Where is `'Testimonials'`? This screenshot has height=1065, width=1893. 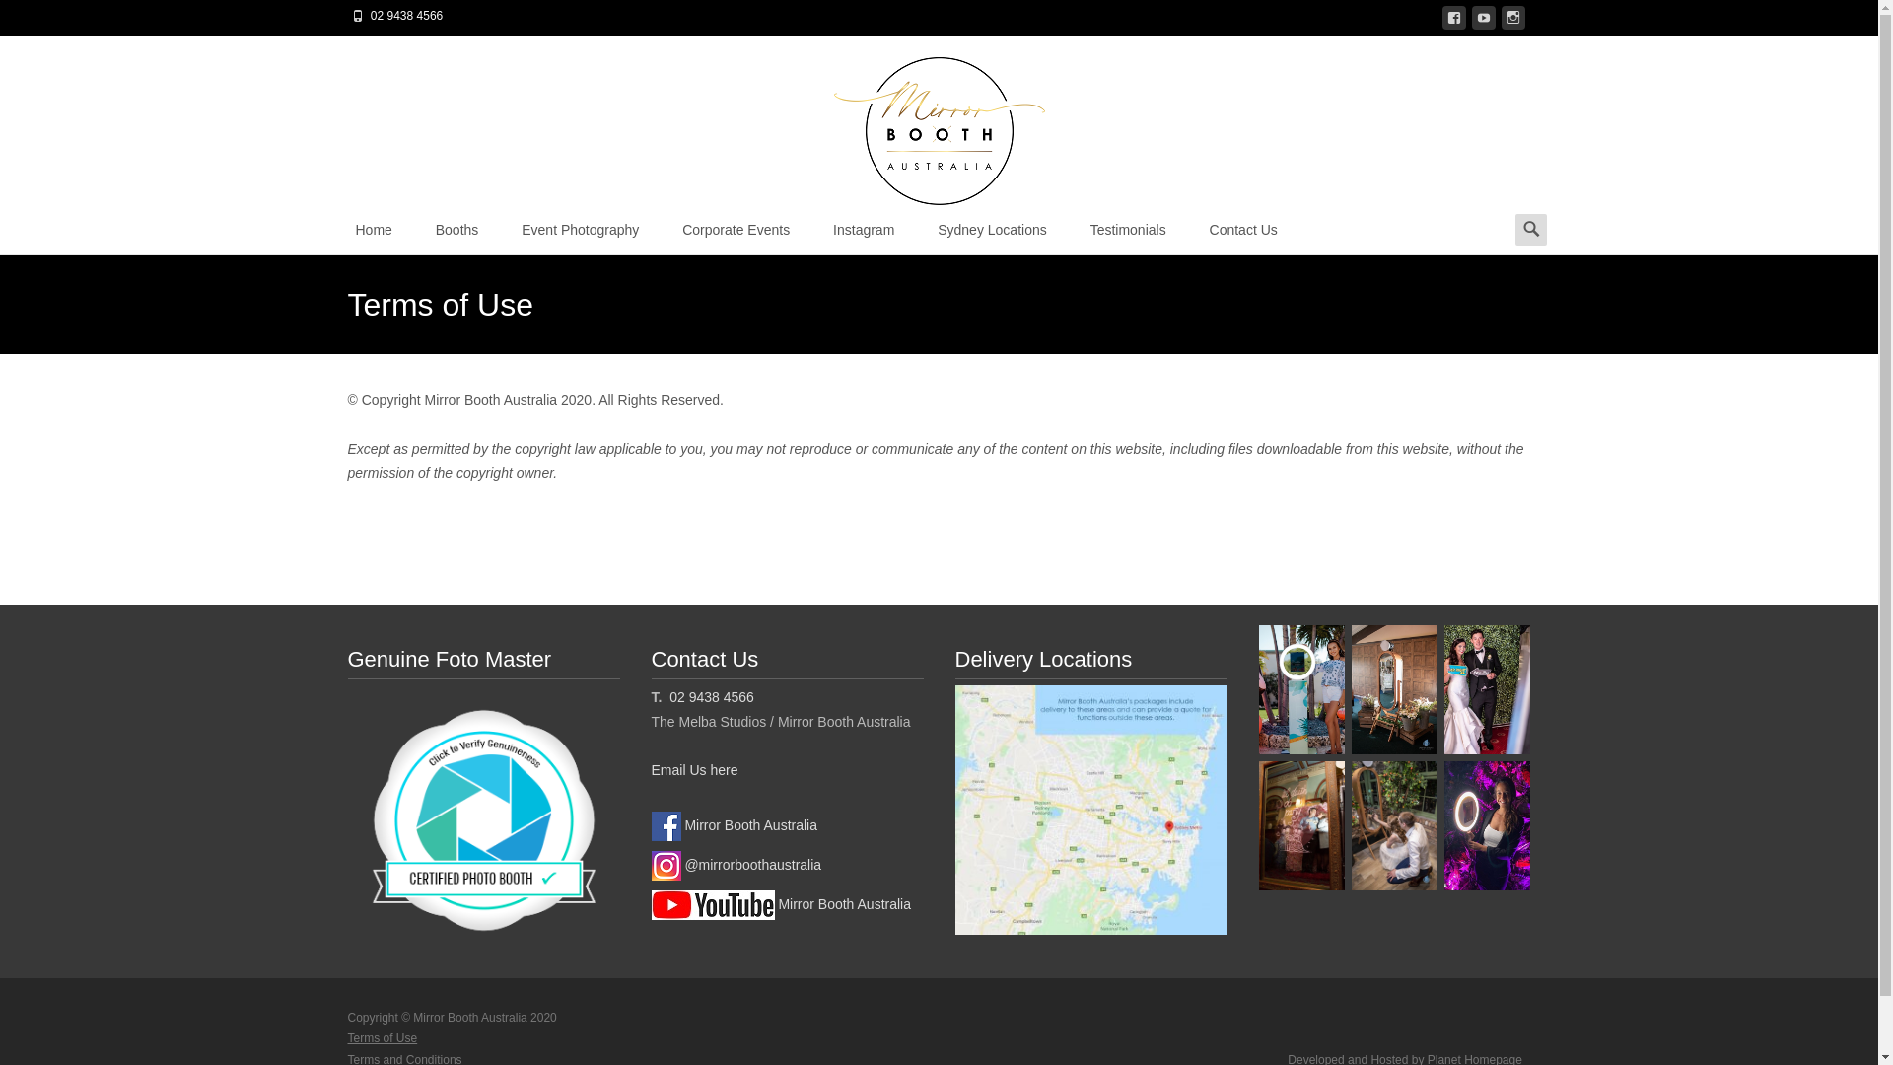
'Testimonials' is located at coordinates (1128, 228).